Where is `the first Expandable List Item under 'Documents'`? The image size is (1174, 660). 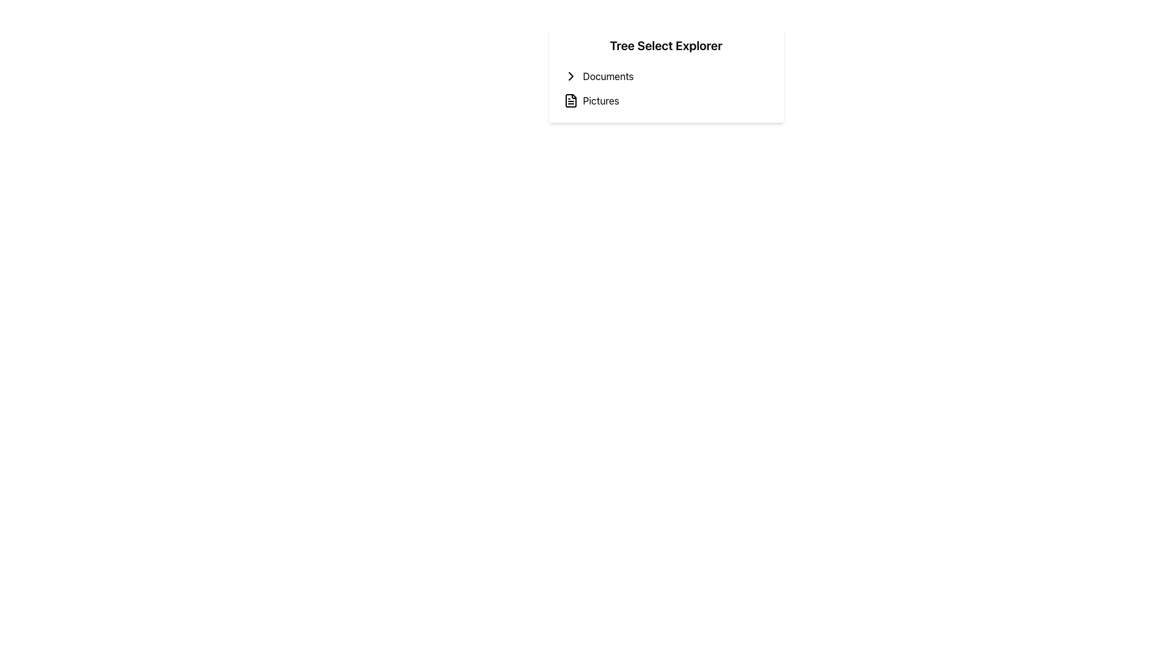
the first Expandable List Item under 'Documents' is located at coordinates (665, 76).